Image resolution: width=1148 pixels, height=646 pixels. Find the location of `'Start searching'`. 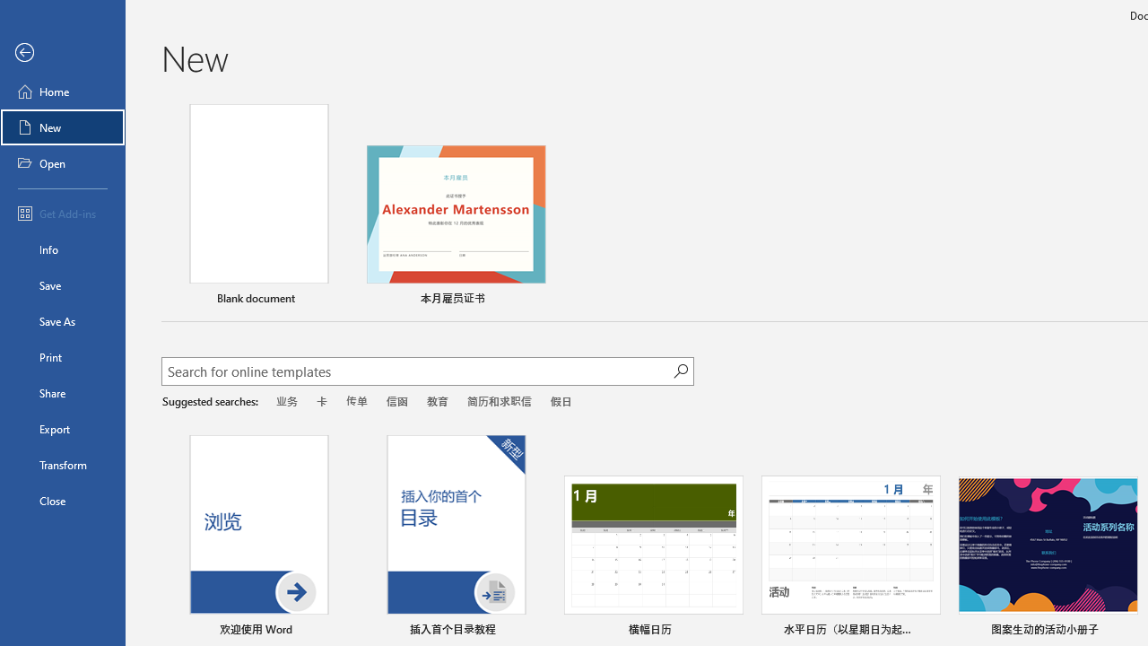

'Start searching' is located at coordinates (680, 370).